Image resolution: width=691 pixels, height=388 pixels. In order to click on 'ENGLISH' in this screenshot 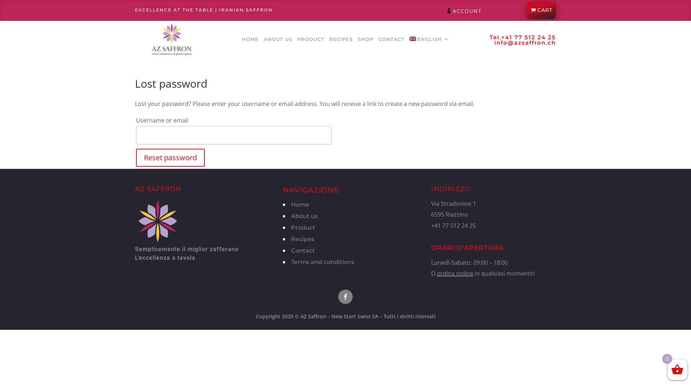, I will do `click(429, 40)`.